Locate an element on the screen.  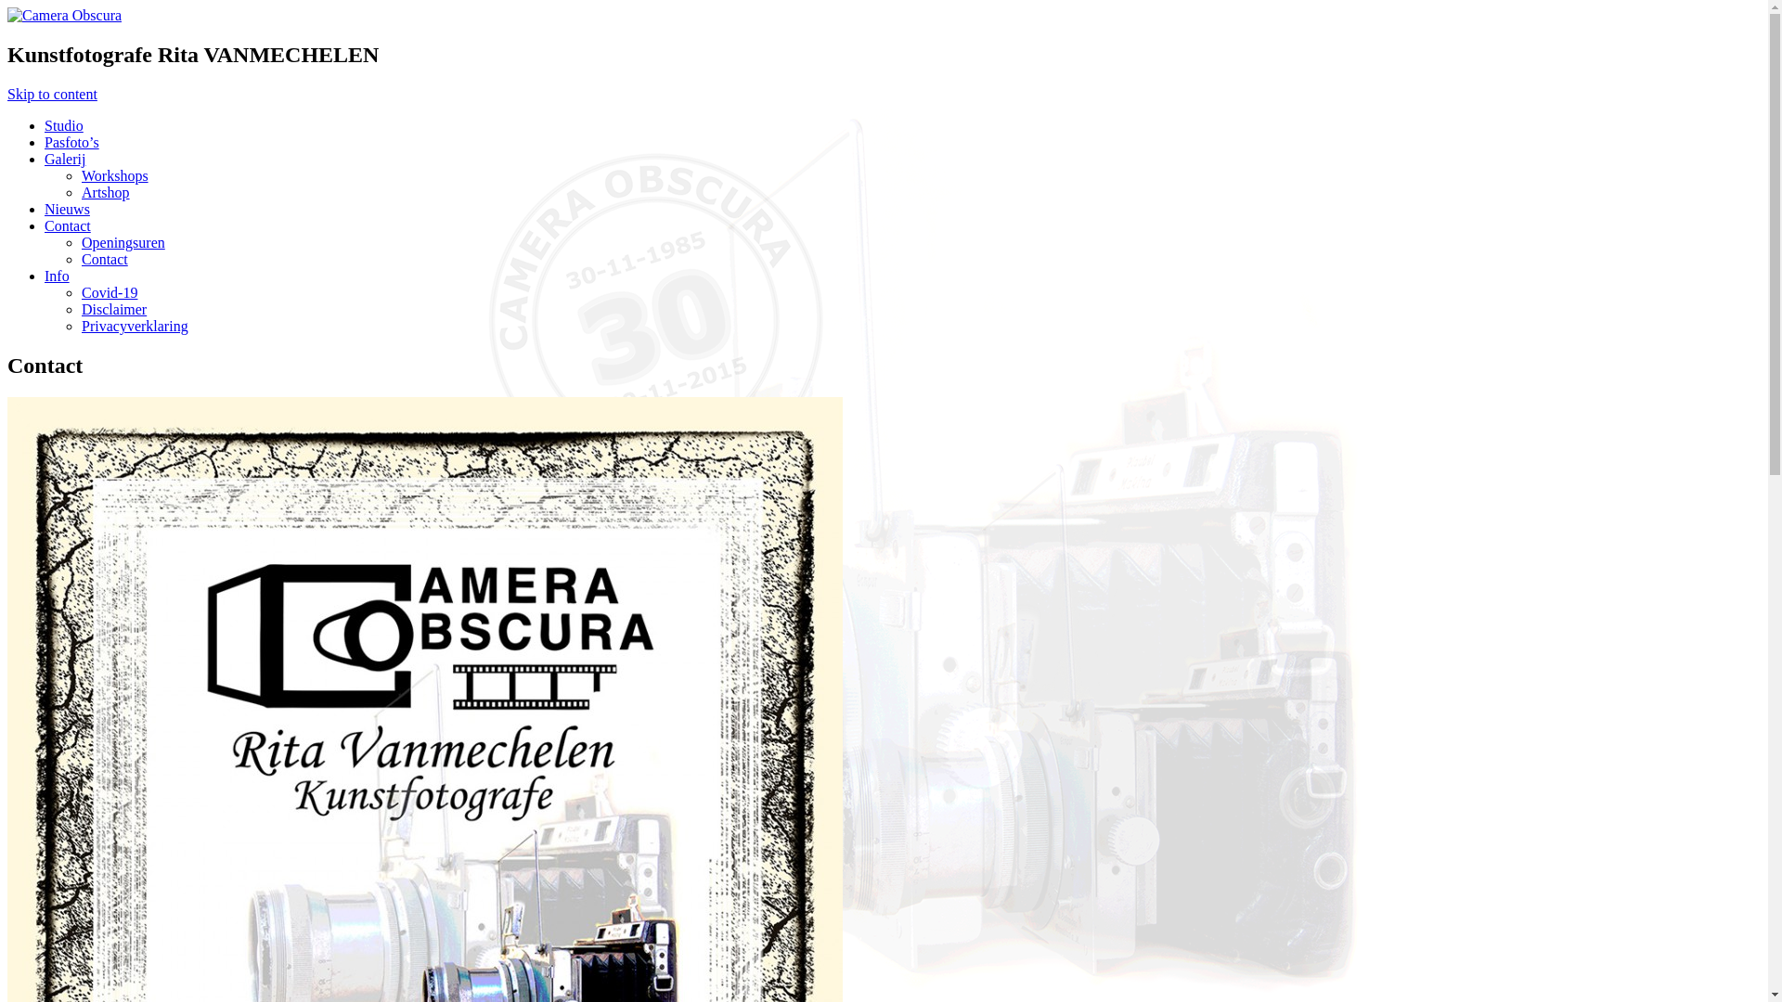
'Covid-19' is located at coordinates (109, 292).